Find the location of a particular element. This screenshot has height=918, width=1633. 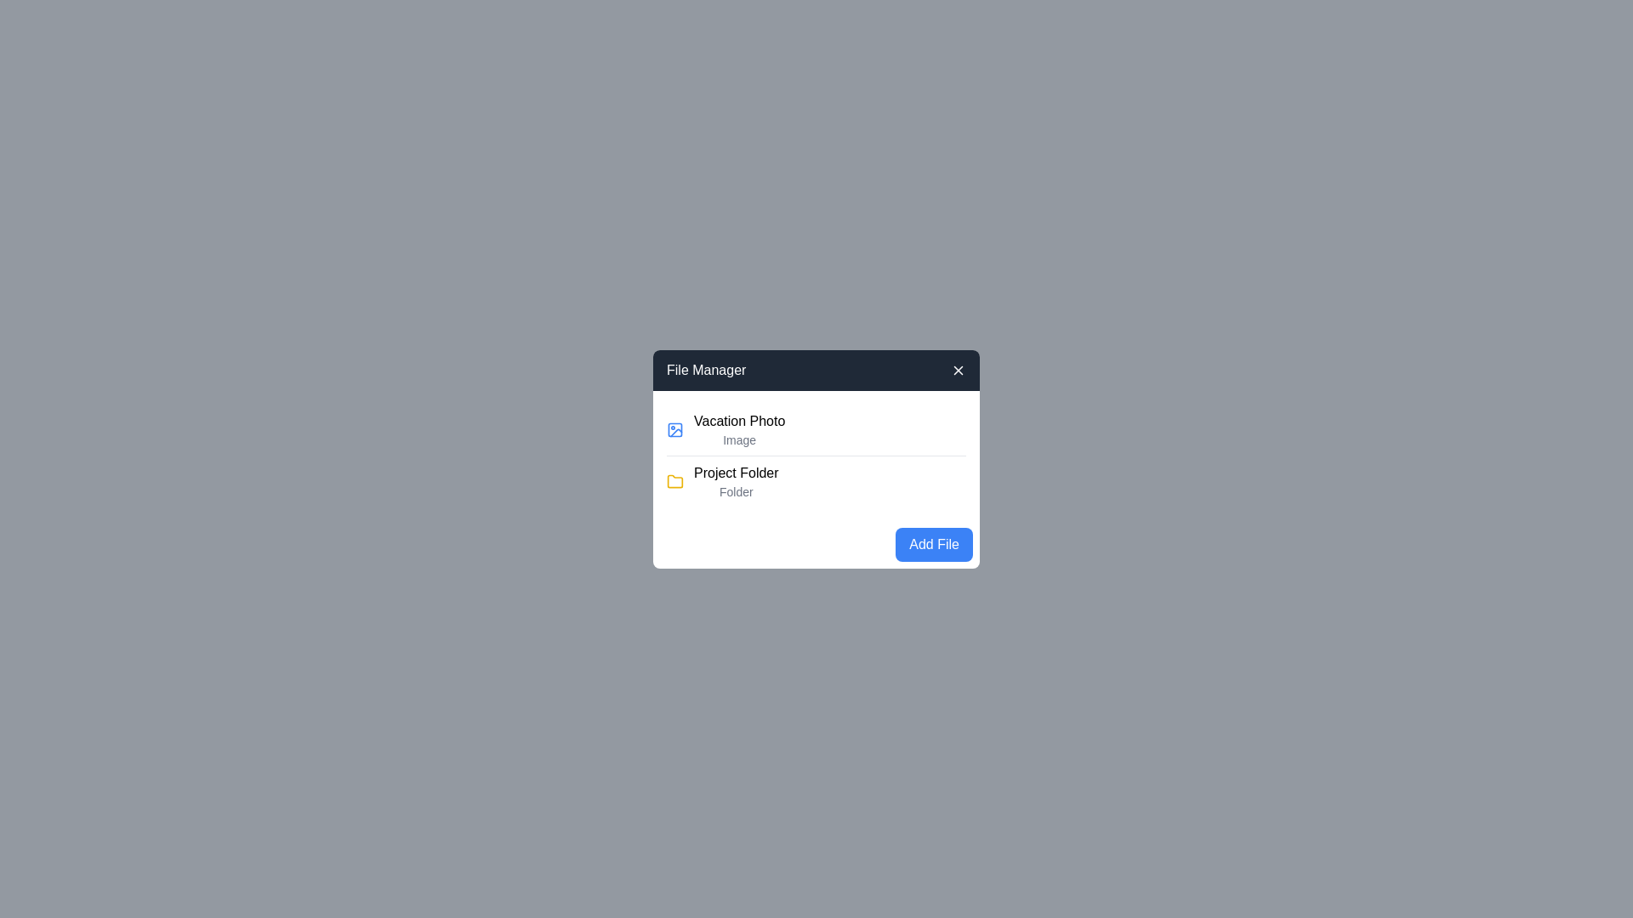

the 'Add File' button to initiate the file addition process is located at coordinates (933, 544).